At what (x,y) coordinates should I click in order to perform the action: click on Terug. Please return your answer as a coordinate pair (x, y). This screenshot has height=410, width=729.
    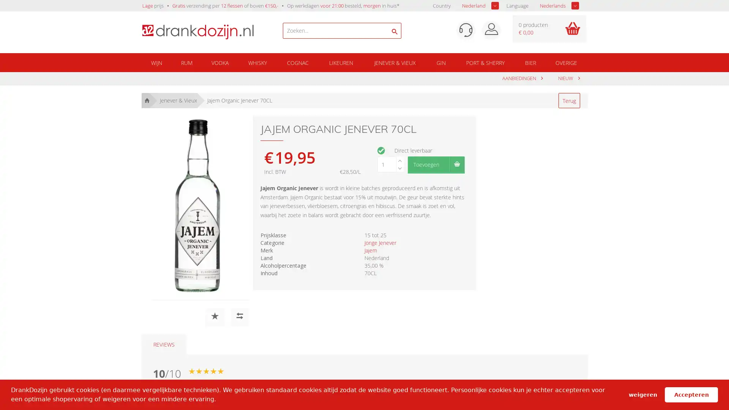
    Looking at the image, I should click on (569, 100).